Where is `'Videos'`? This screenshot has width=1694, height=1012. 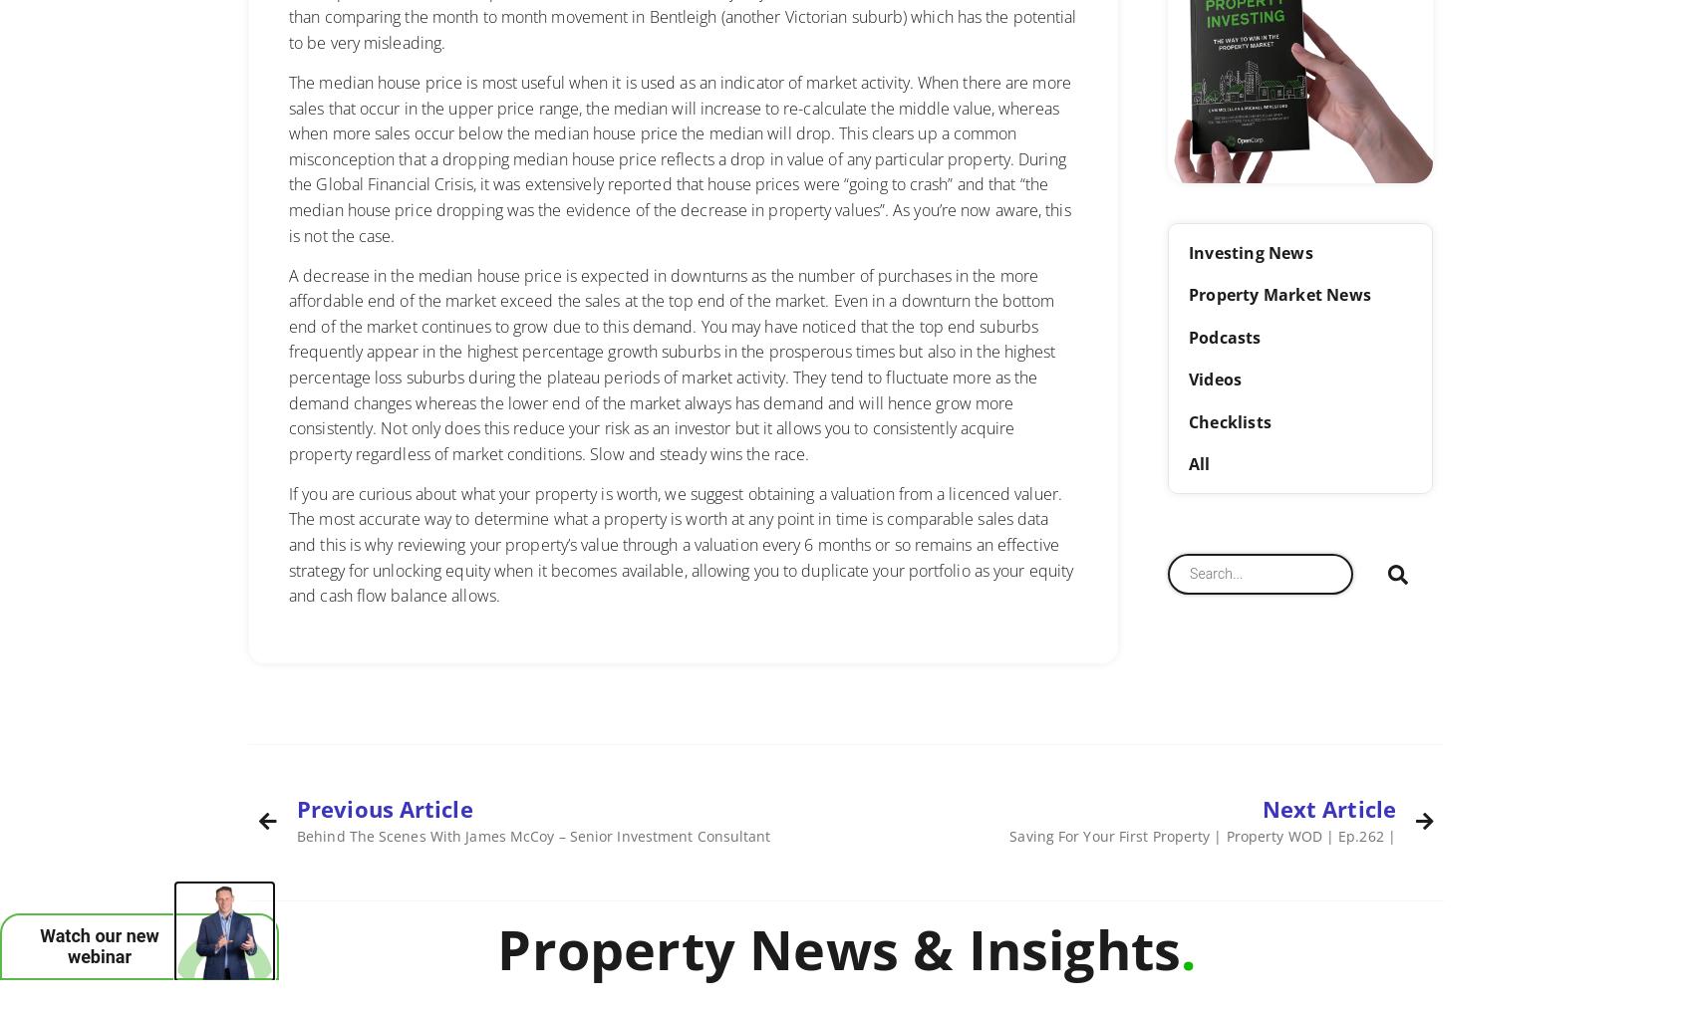
'Videos' is located at coordinates (1214, 379).